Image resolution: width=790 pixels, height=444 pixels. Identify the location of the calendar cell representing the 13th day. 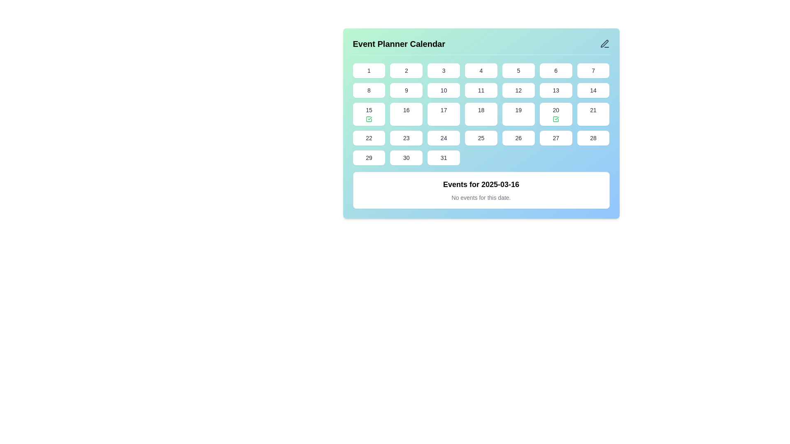
(556, 90).